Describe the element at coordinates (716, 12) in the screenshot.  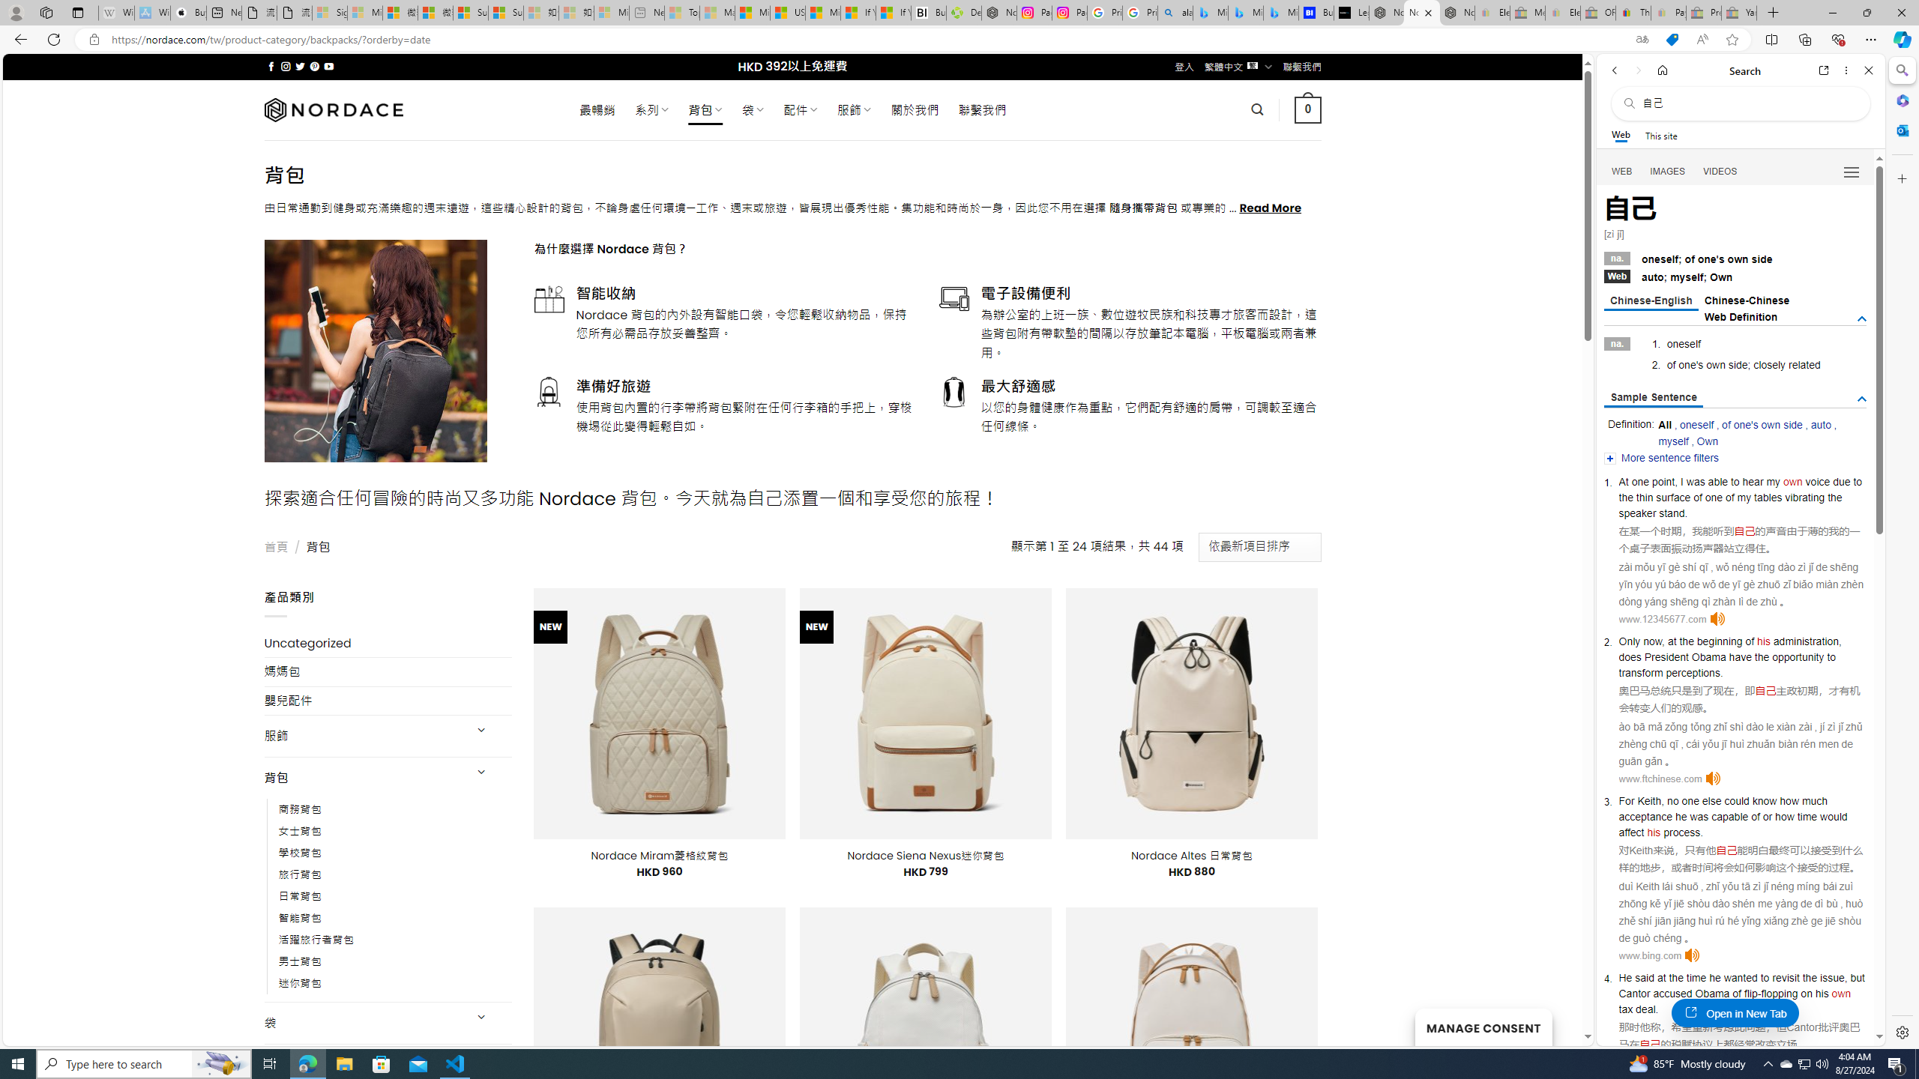
I see `'Marine life - MSN - Sleeping'` at that location.